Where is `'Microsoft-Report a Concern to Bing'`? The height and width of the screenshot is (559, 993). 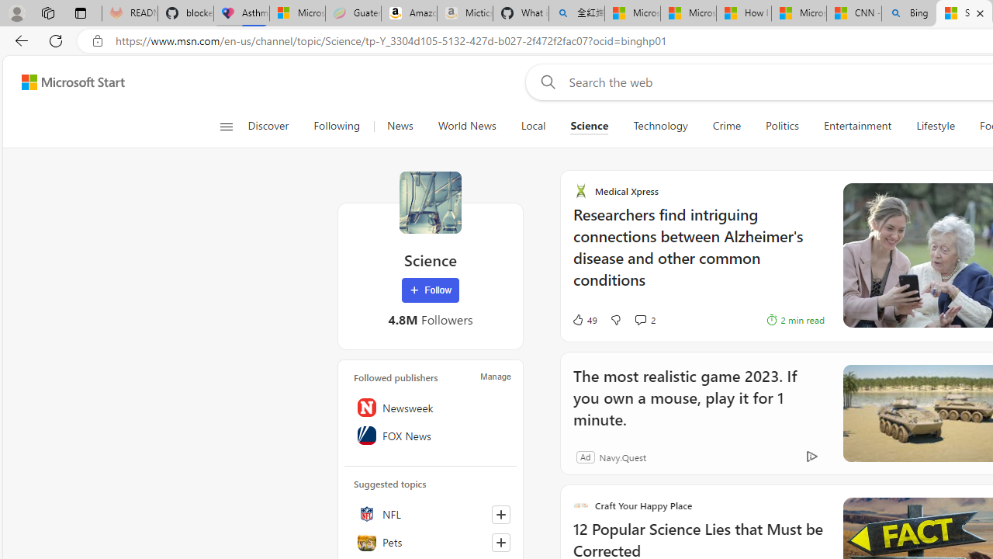
'Microsoft-Report a Concern to Bing' is located at coordinates (297, 13).